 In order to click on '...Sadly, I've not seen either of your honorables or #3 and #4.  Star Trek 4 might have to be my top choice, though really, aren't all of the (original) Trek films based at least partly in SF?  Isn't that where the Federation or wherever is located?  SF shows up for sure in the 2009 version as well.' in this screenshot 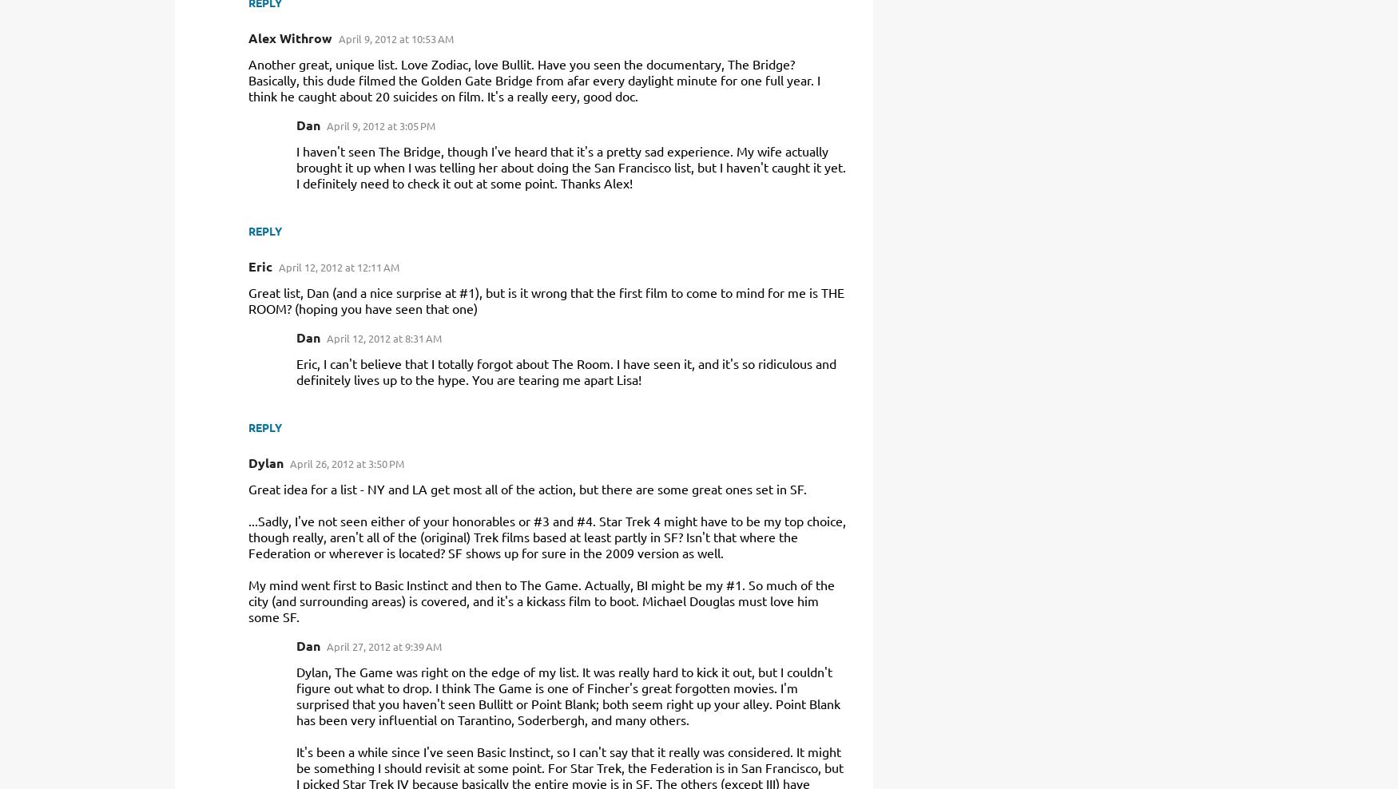, I will do `click(546, 536)`.